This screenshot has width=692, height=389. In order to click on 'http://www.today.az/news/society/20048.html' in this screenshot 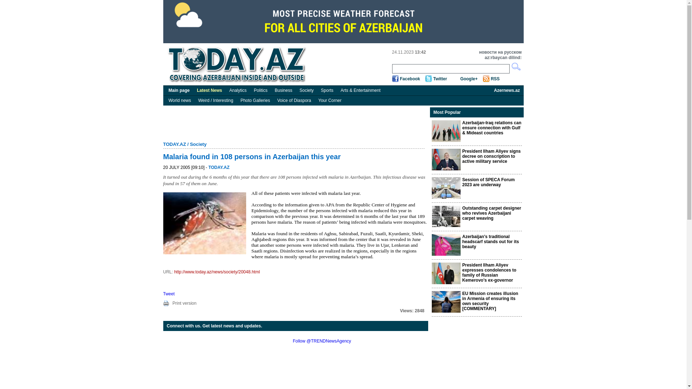, I will do `click(174, 272)`.